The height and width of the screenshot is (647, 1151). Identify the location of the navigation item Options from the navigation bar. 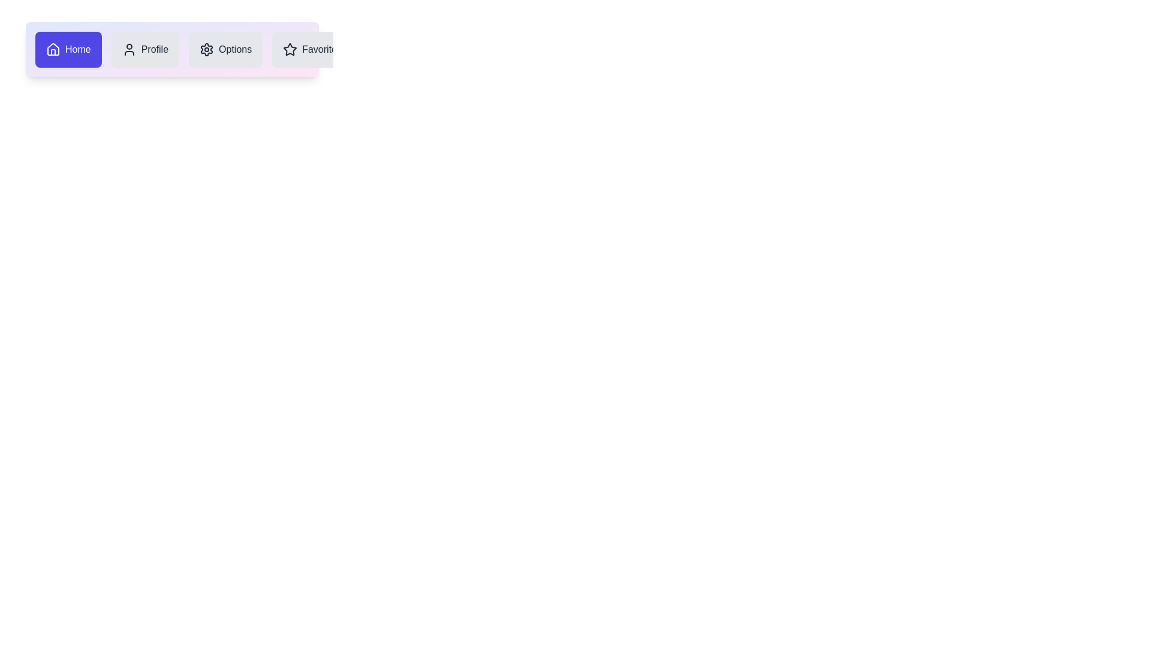
(225, 49).